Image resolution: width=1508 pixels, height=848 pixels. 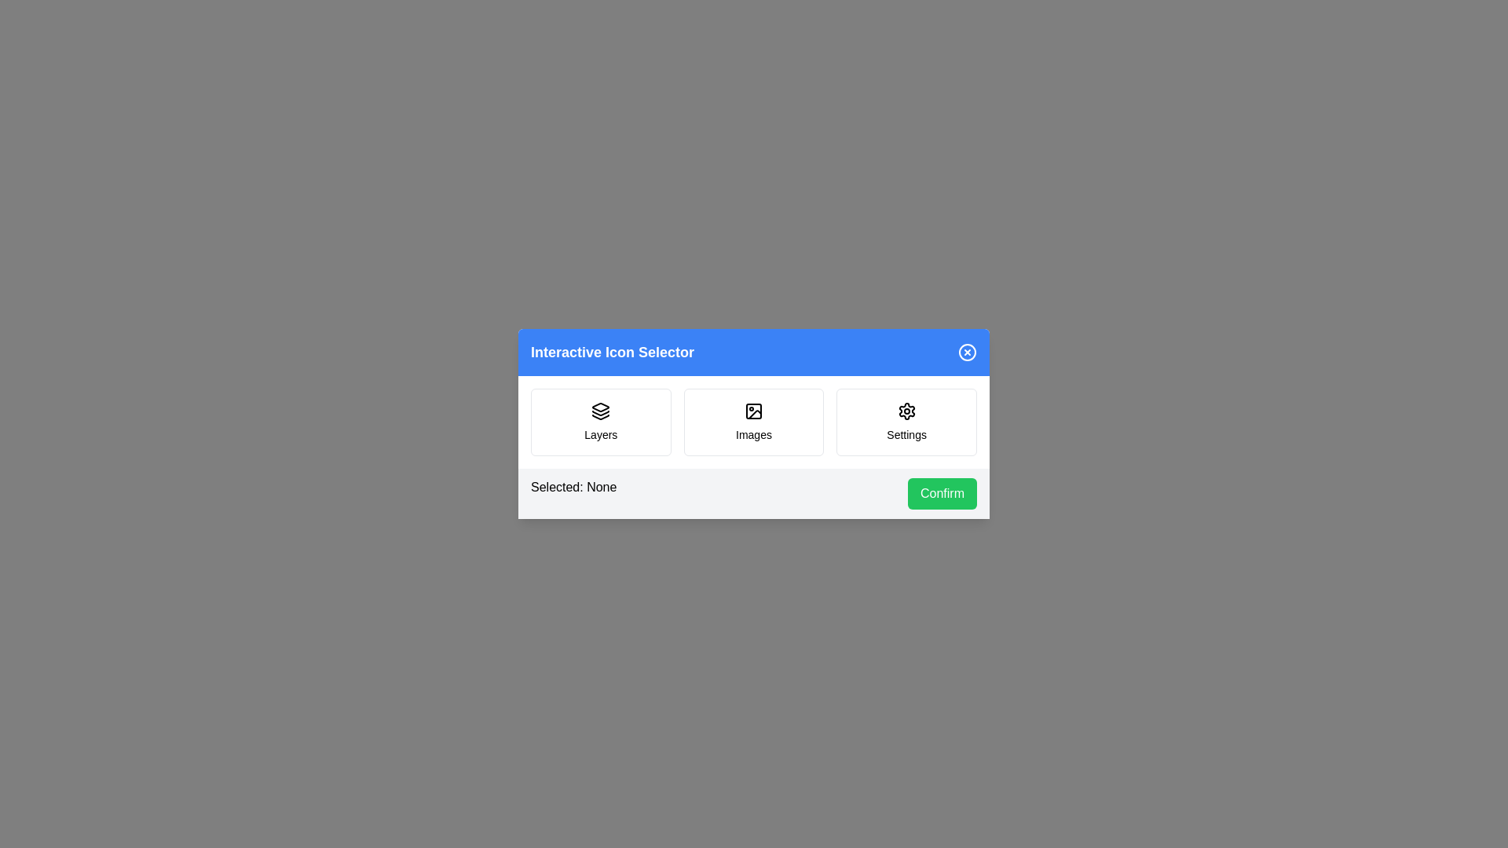 What do you see at coordinates (599, 421) in the screenshot?
I see `the icon Layers by clicking on it` at bounding box center [599, 421].